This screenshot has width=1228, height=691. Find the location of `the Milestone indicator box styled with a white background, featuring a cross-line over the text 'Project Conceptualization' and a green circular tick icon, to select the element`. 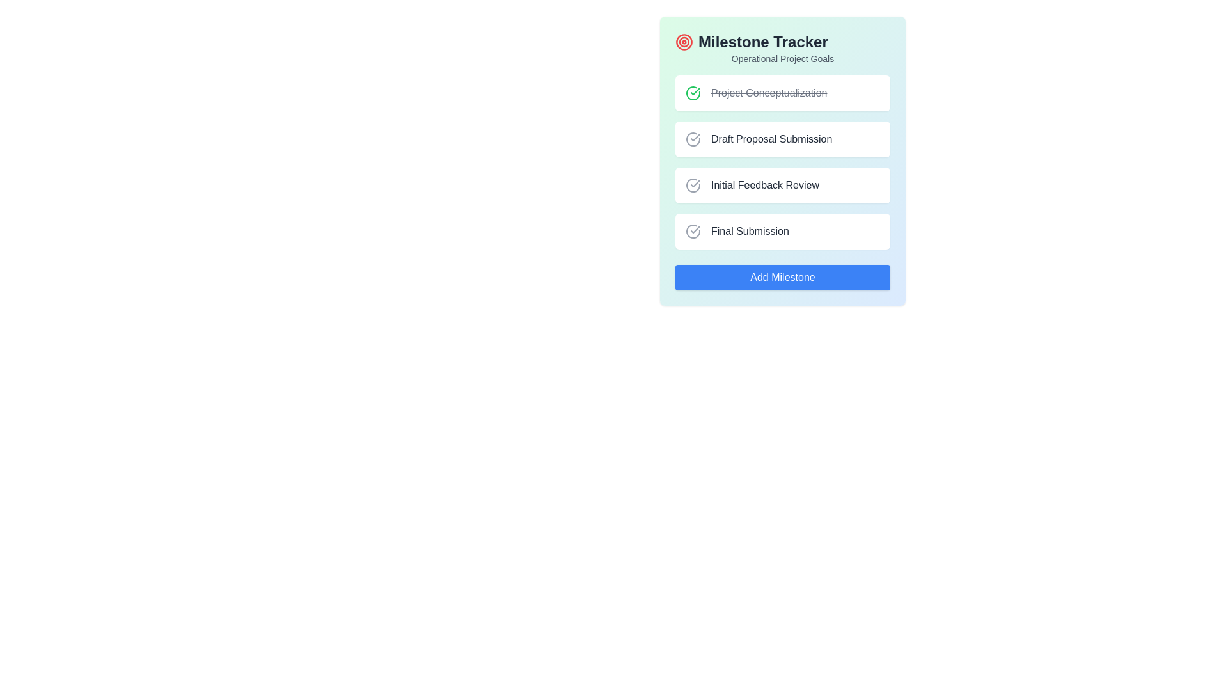

the Milestone indicator box styled with a white background, featuring a cross-line over the text 'Project Conceptualization' and a green circular tick icon, to select the element is located at coordinates (782, 93).